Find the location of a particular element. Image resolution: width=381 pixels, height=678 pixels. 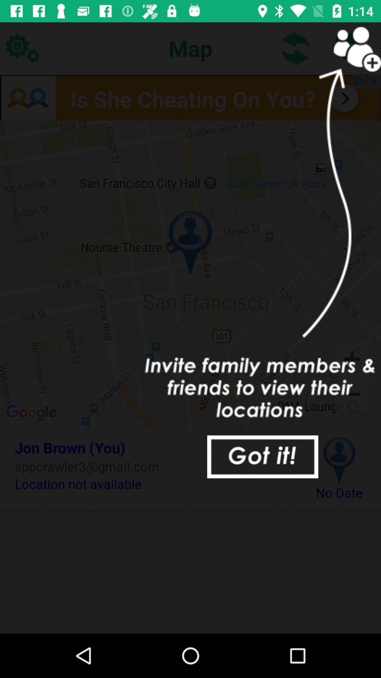

help notification is located at coordinates (262, 457).